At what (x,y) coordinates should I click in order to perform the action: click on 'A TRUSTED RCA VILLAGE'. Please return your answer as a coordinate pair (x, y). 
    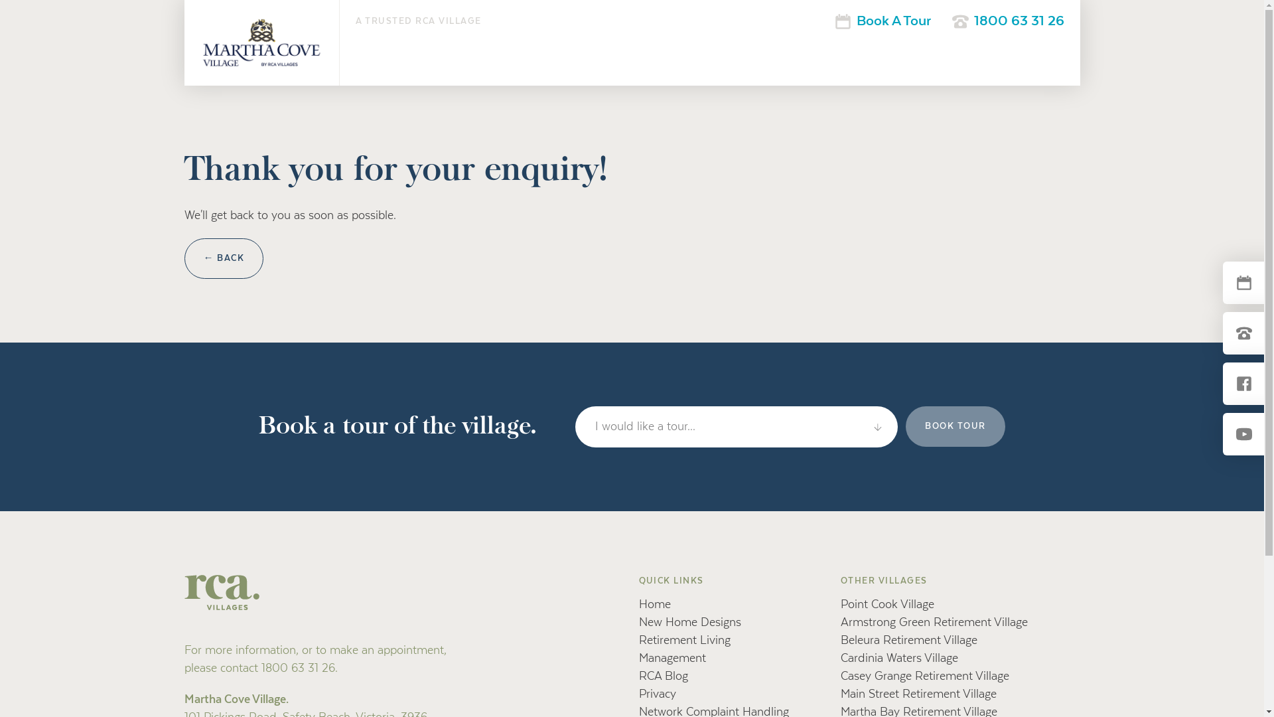
    Looking at the image, I should click on (418, 21).